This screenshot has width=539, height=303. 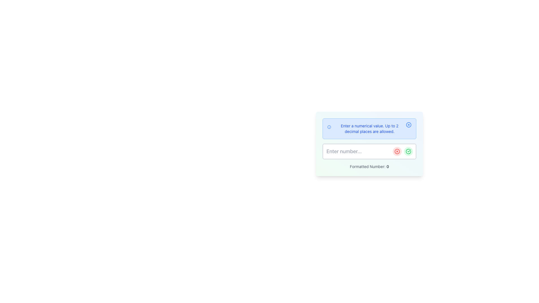 I want to click on circular SVG element with a blue stroke located at the center of the top-right corner of the input's informational box, which represents a closing functionality, so click(x=408, y=124).